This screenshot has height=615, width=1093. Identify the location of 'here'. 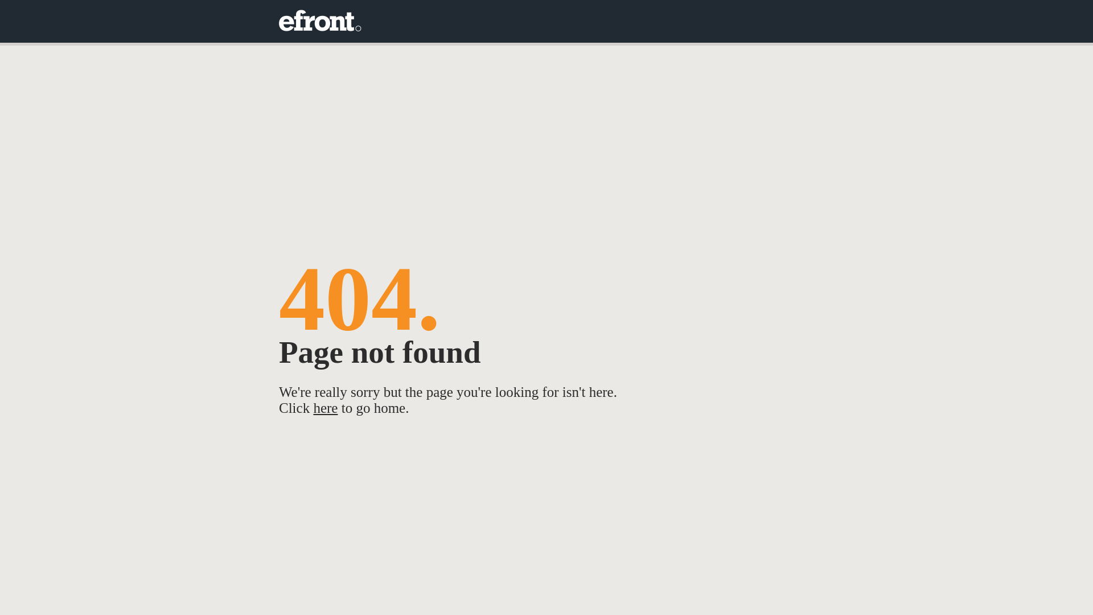
(313, 407).